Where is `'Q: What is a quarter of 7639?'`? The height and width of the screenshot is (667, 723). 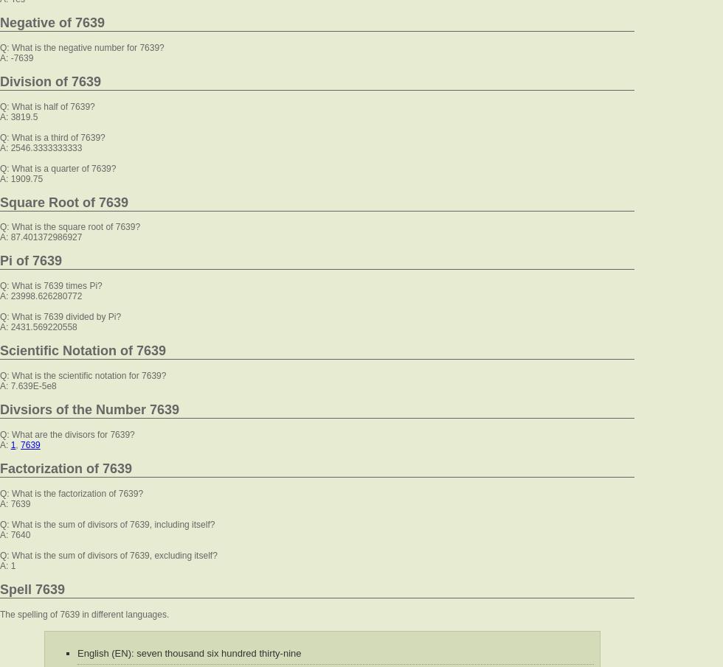
'Q: What is a quarter of 7639?' is located at coordinates (58, 167).